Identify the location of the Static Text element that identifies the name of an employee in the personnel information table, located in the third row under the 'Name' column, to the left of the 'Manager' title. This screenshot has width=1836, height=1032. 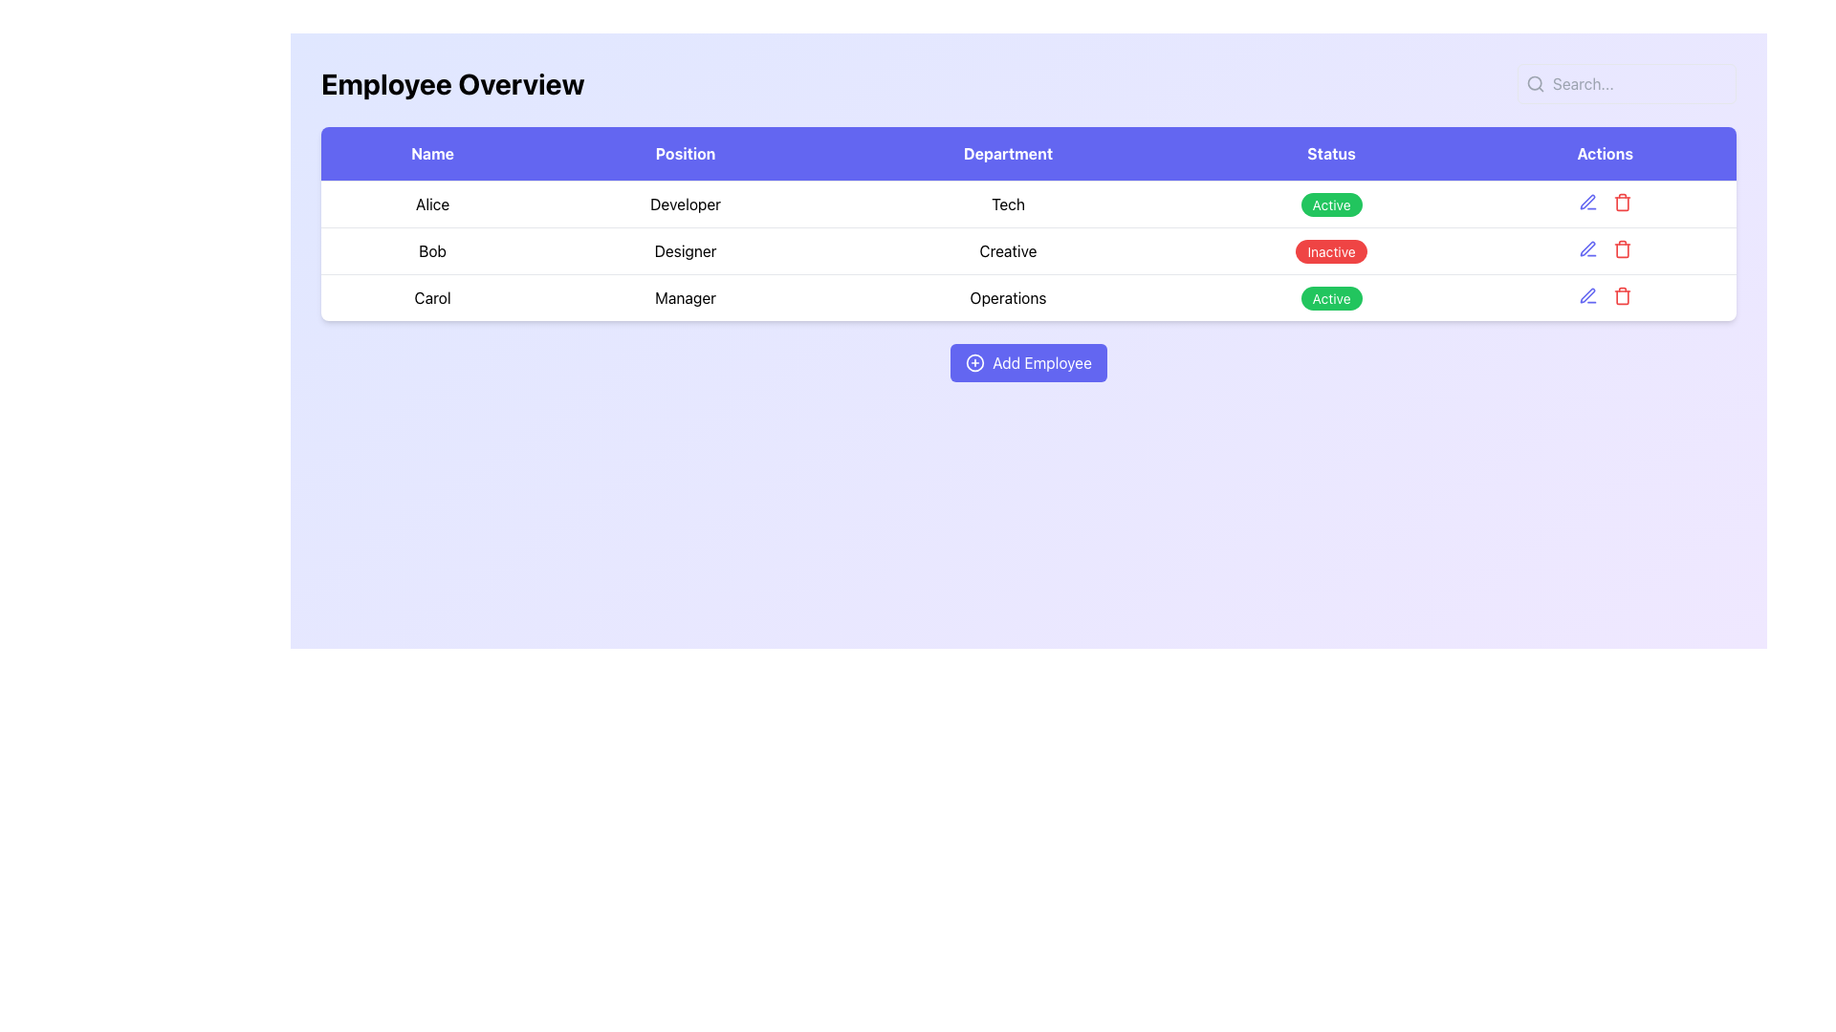
(431, 297).